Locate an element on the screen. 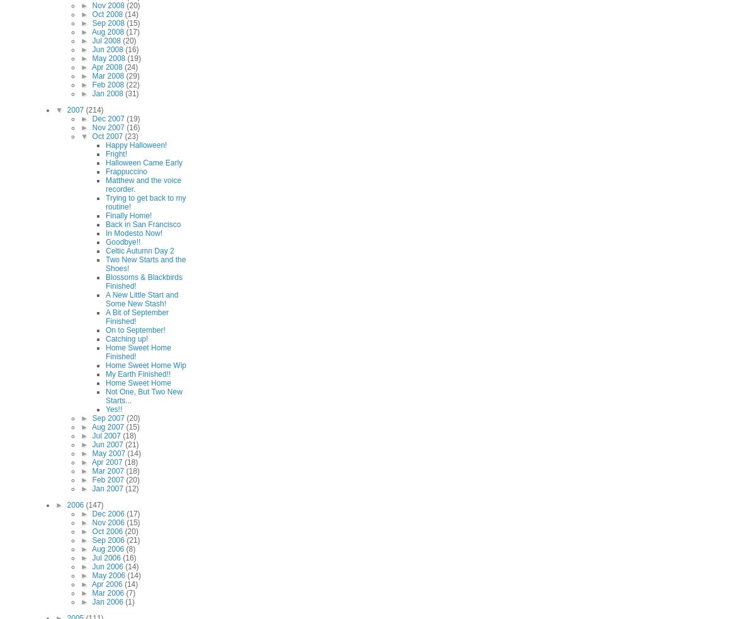 This screenshot has width=729, height=619. 'A New Little Start and Some New Stash!' is located at coordinates (142, 299).